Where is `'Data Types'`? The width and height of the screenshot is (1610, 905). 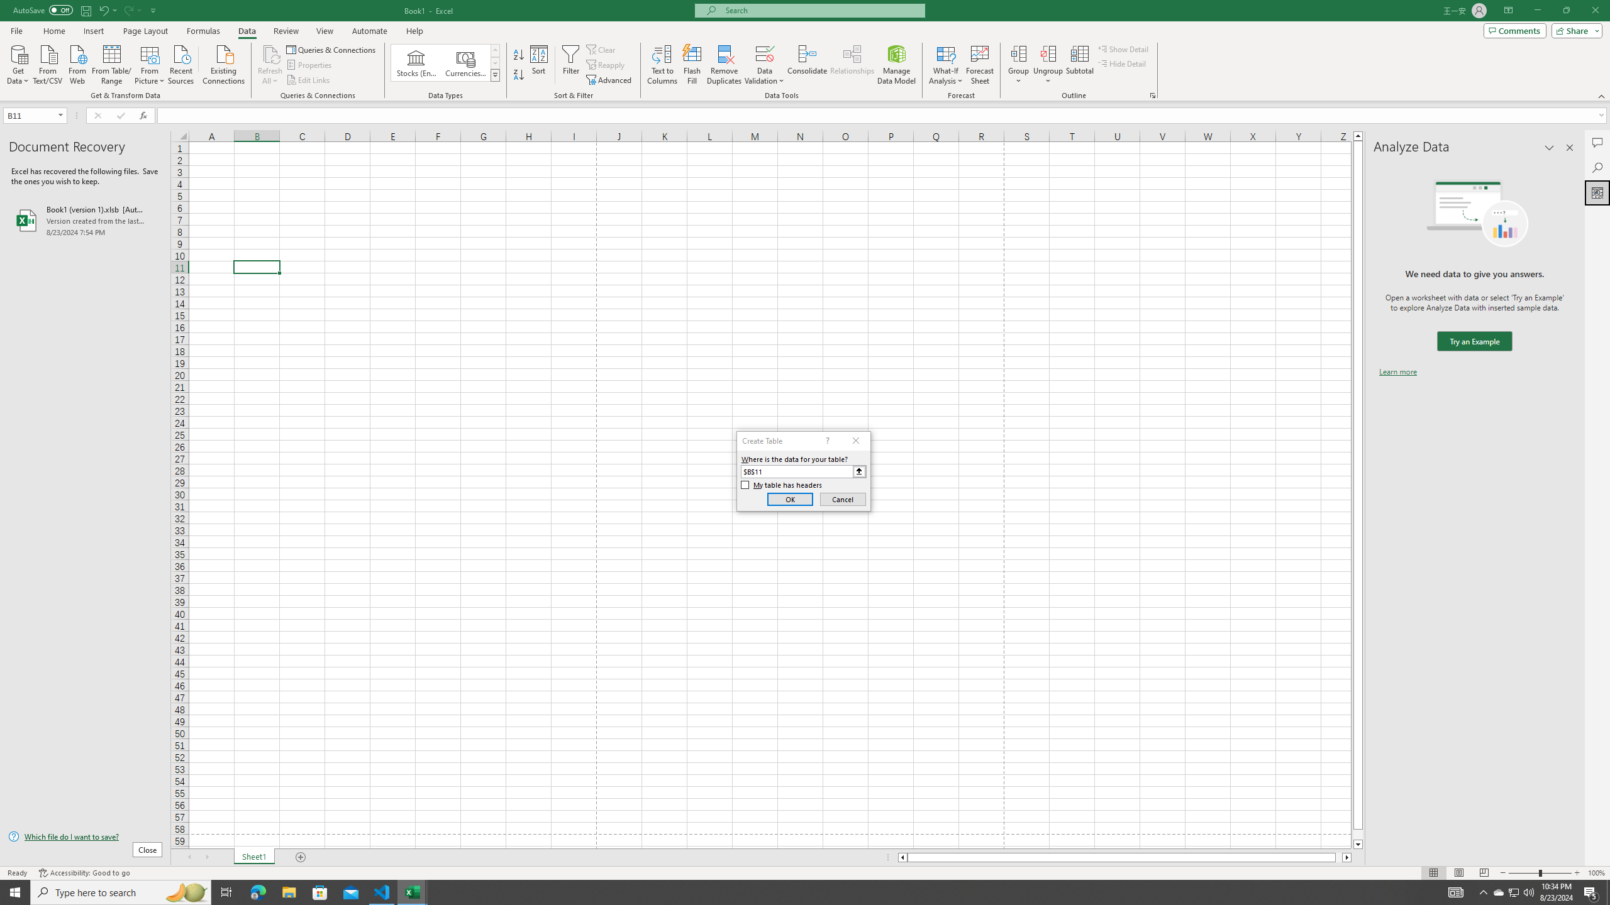 'Data Types' is located at coordinates (495, 74).